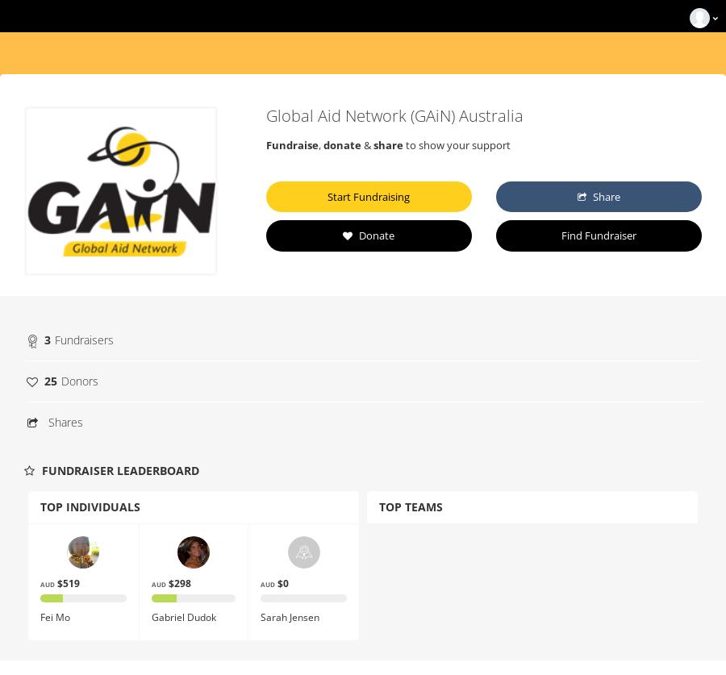 This screenshot has width=726, height=675. I want to click on 'Donors', so click(79, 380).